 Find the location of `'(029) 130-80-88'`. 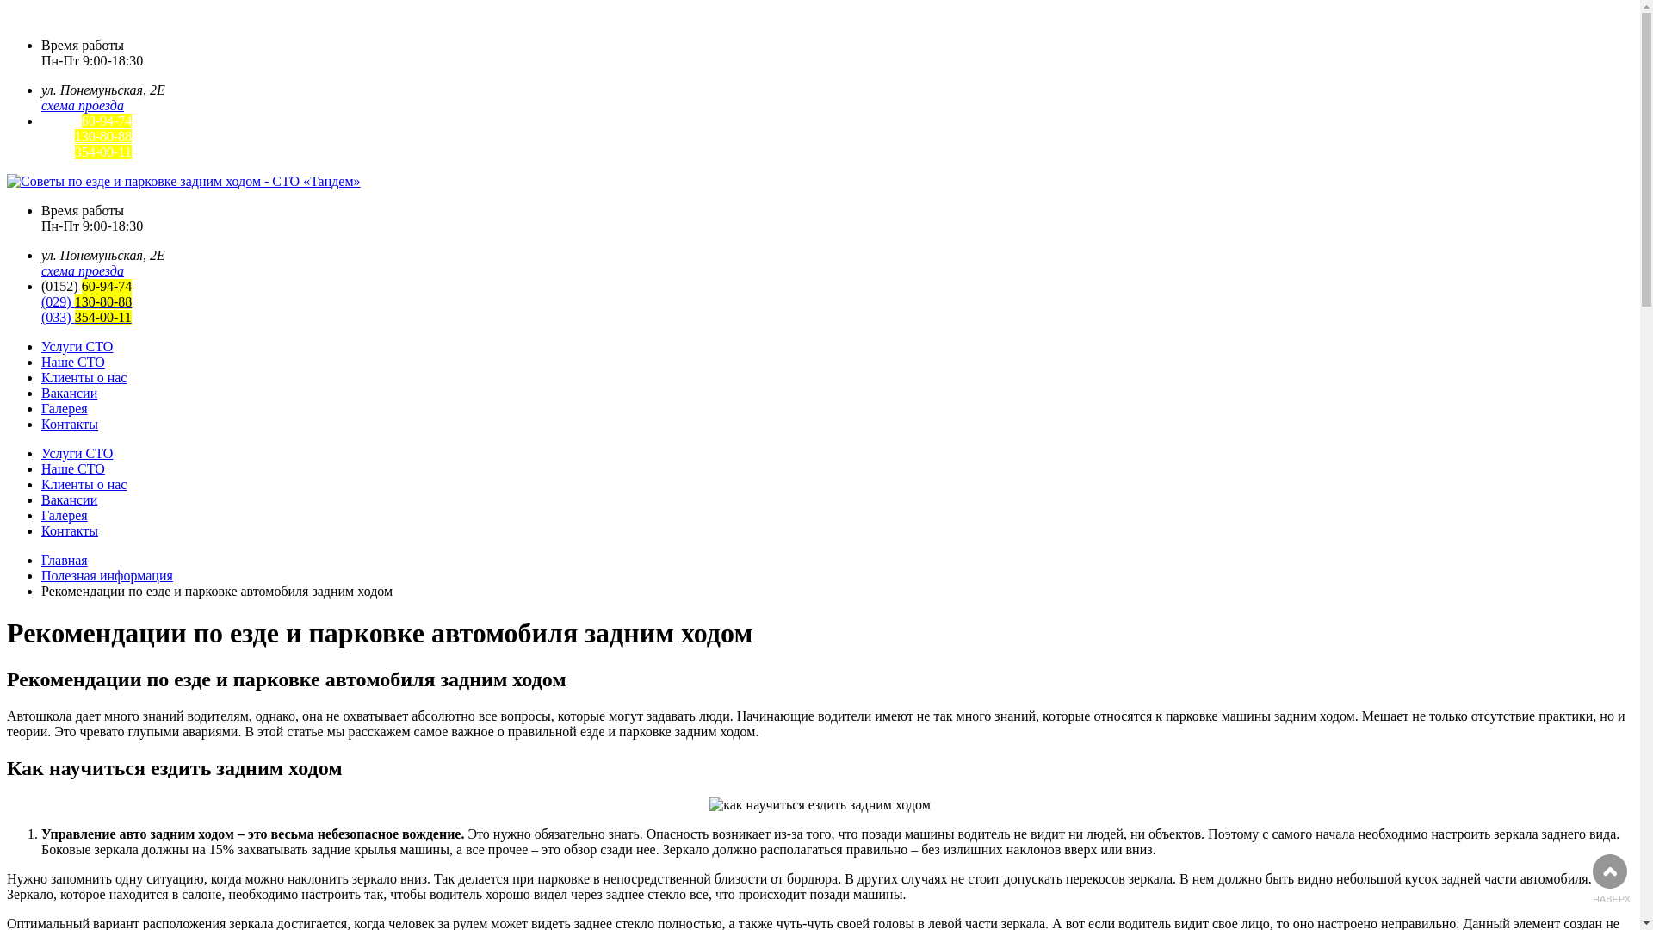

'(029) 130-80-88' is located at coordinates (85, 301).